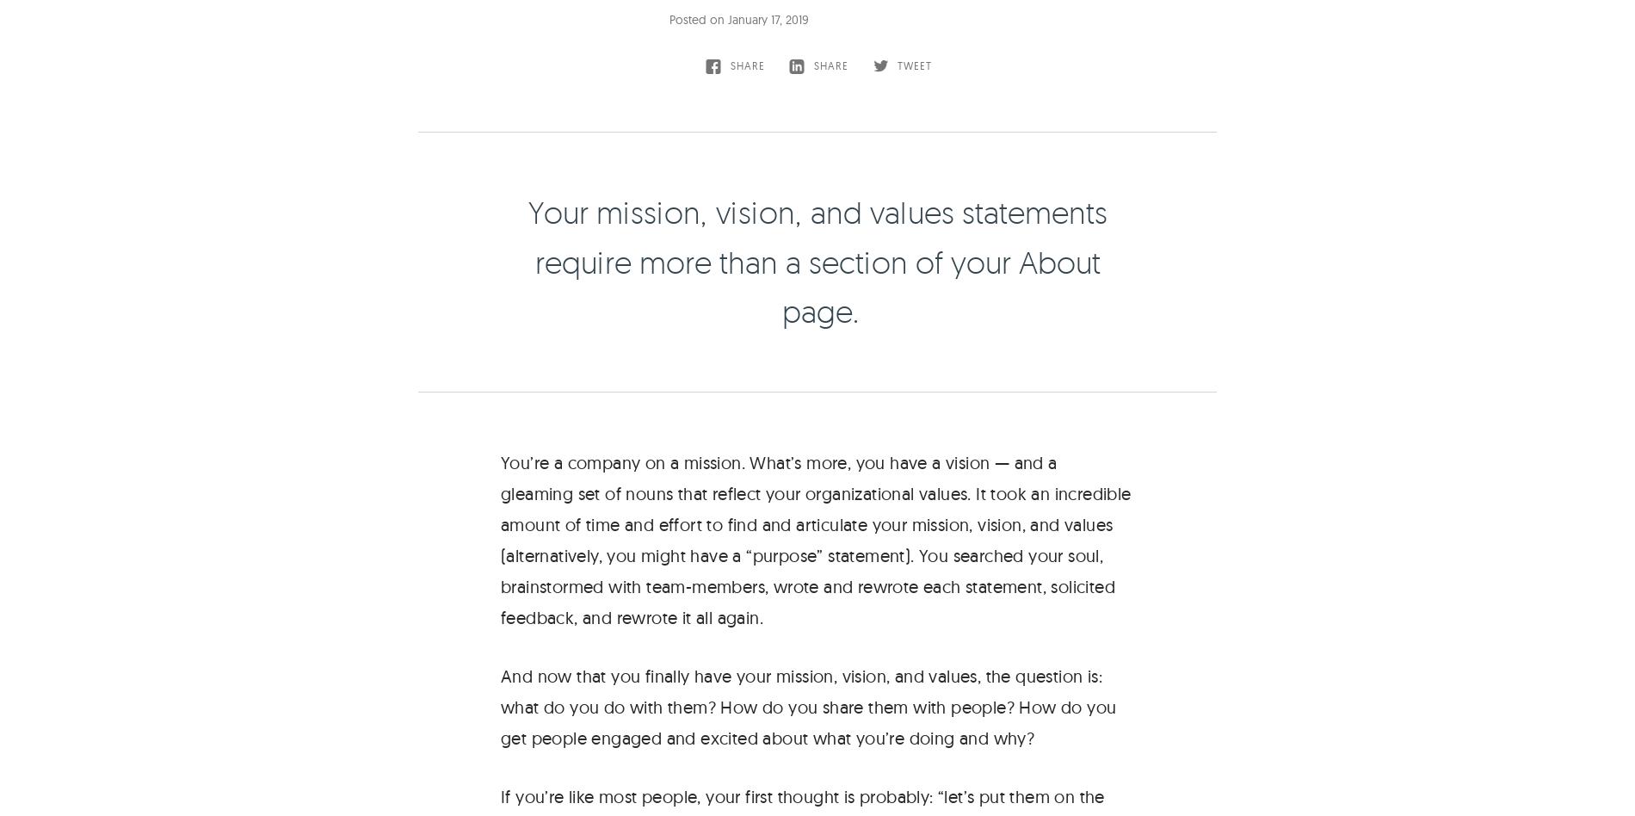  What do you see at coordinates (816, 243) in the screenshot?
I see `'The Viget Newsletter'` at bounding box center [816, 243].